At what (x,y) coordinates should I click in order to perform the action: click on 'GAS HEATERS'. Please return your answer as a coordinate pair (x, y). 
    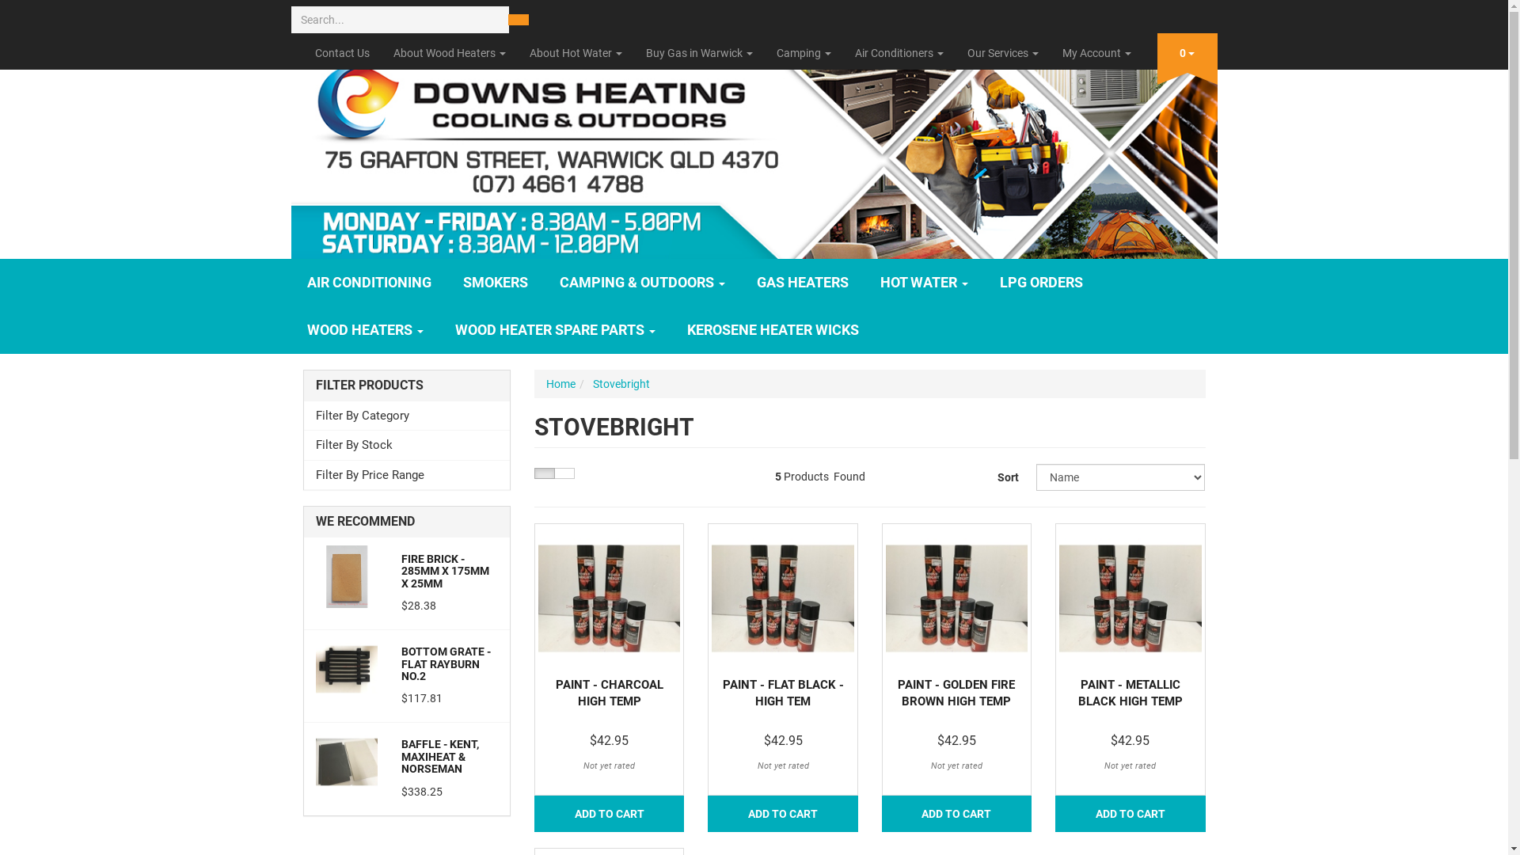
    Looking at the image, I should click on (802, 282).